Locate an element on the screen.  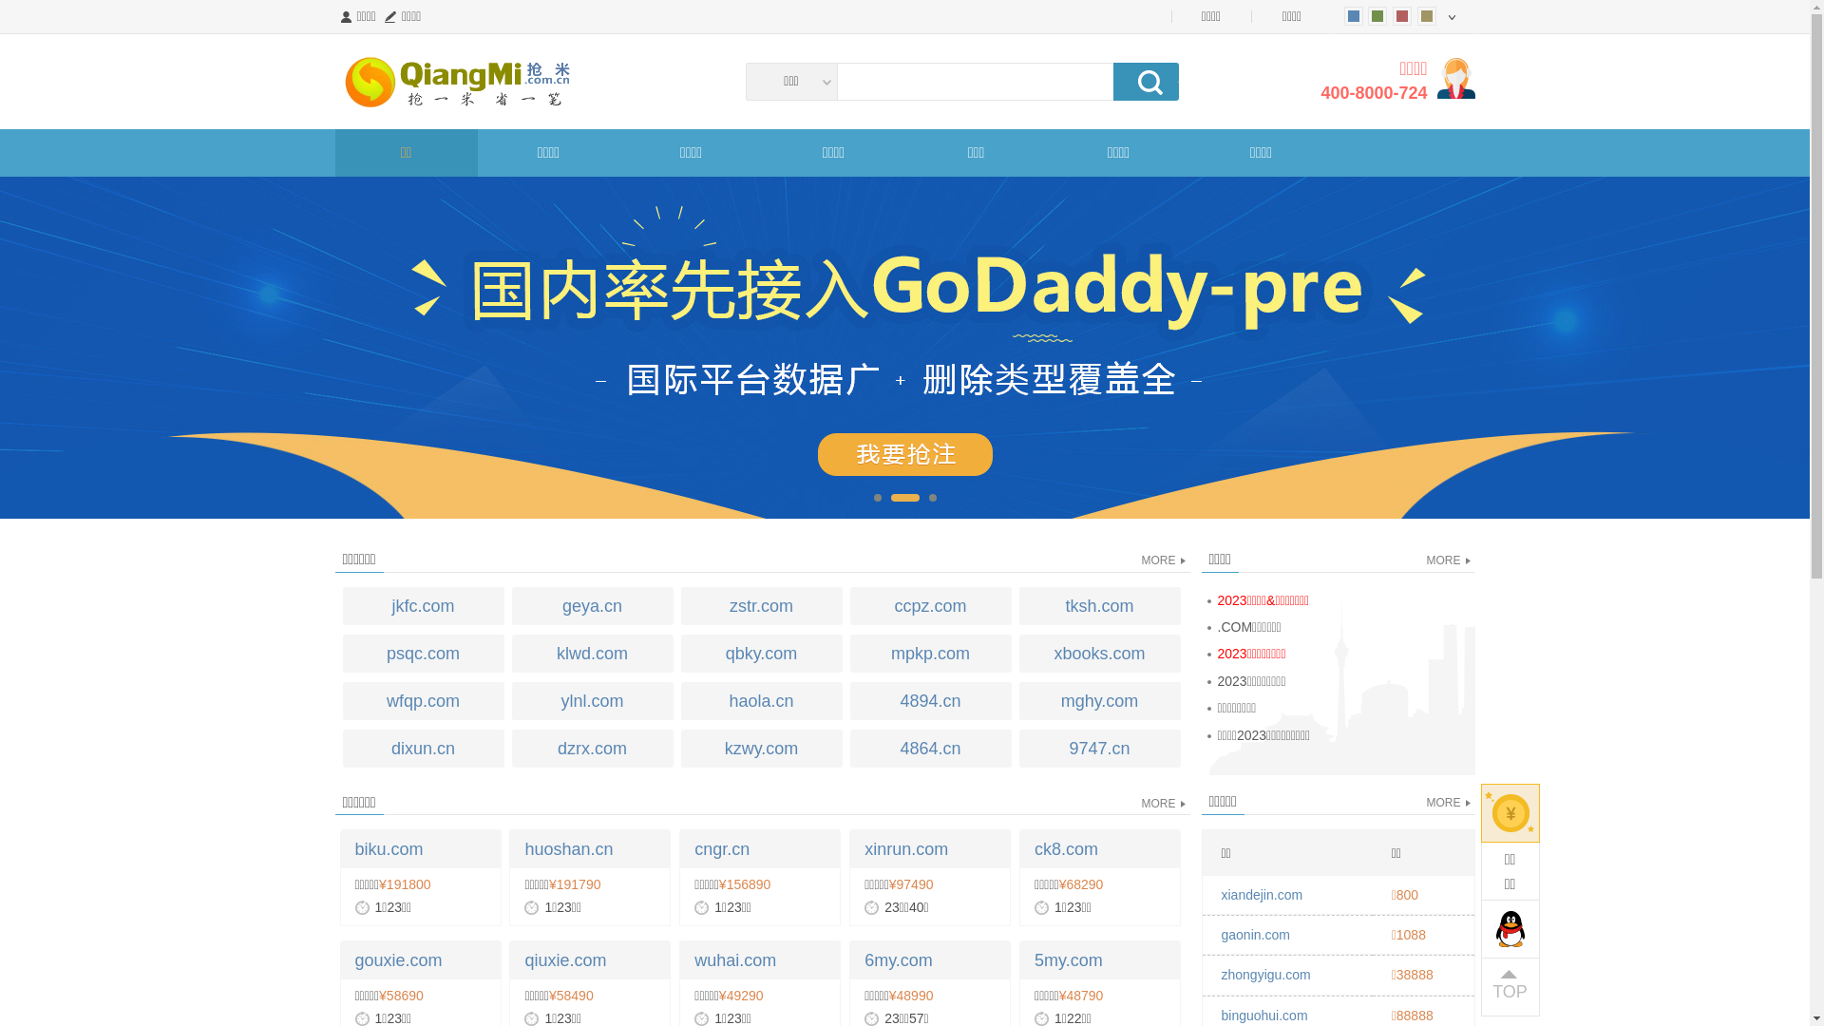
'ccpz.com' is located at coordinates (930, 605).